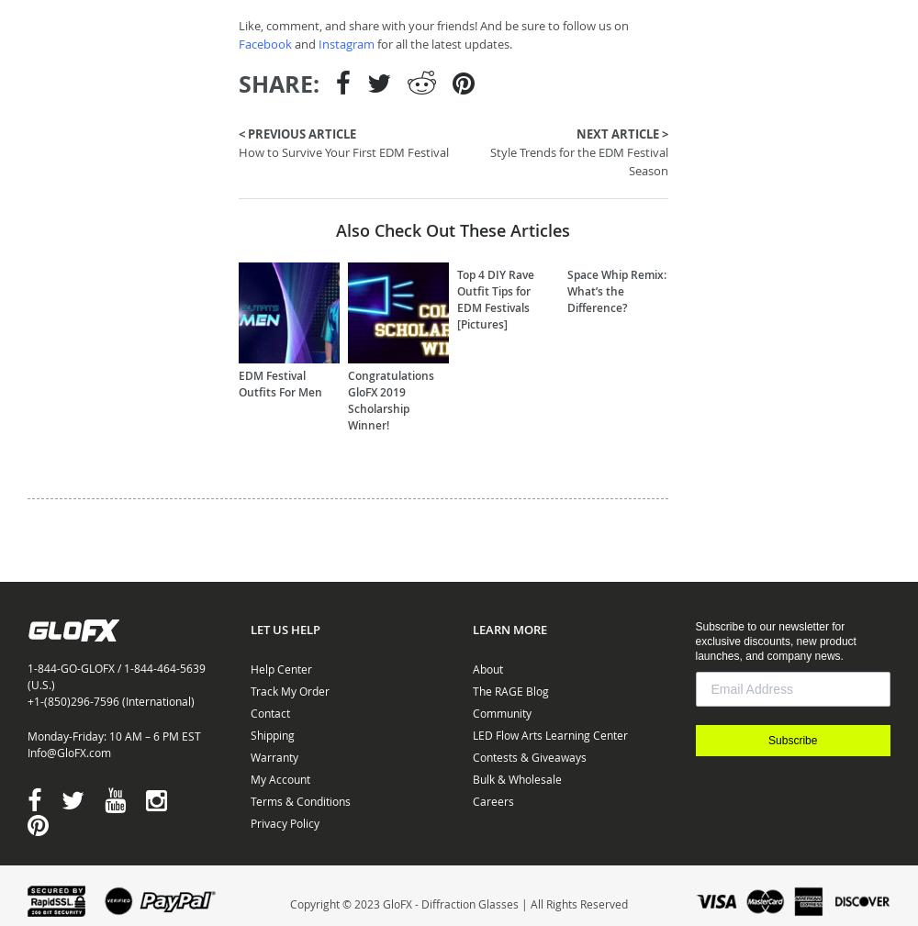 Image resolution: width=918 pixels, height=926 pixels. I want to click on 'Info@GloFX.com', so click(68, 752).